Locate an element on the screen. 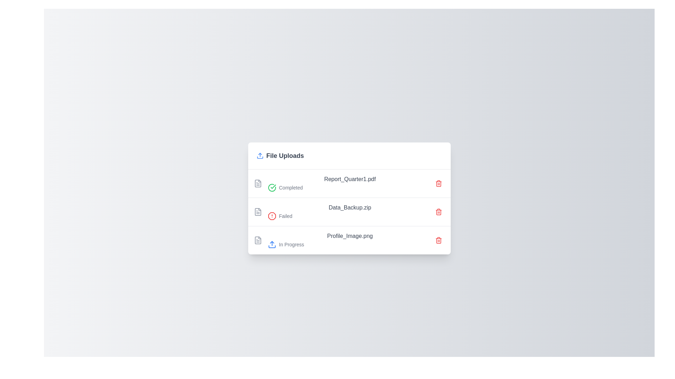  the label displaying the file name 'Data_Backup.zip', which is positioned centrally in the UI, above 'Profile_Image.png' and below 'Report_Quarter1.pdf' is located at coordinates (350, 207).